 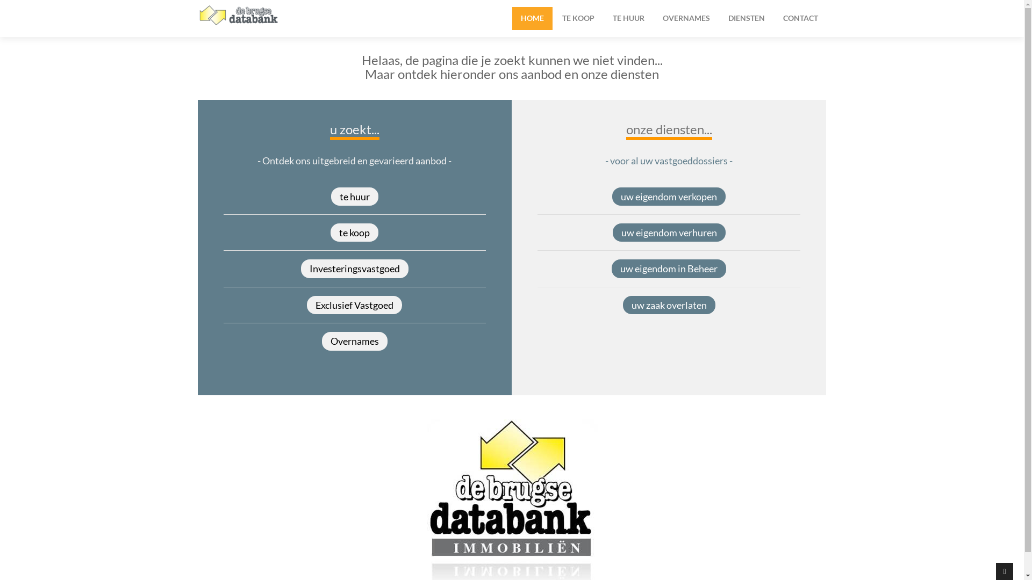 What do you see at coordinates (354, 305) in the screenshot?
I see `'Exclusief Vastgoed'` at bounding box center [354, 305].